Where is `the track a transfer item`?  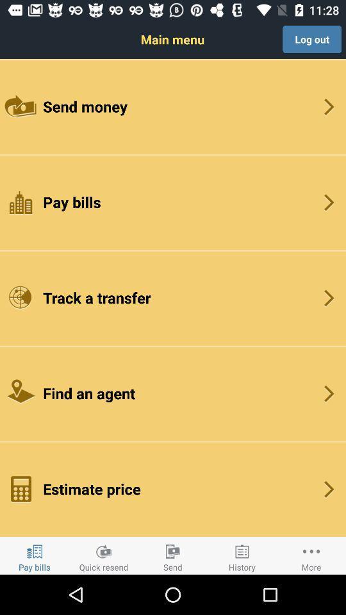
the track a transfer item is located at coordinates (173, 298).